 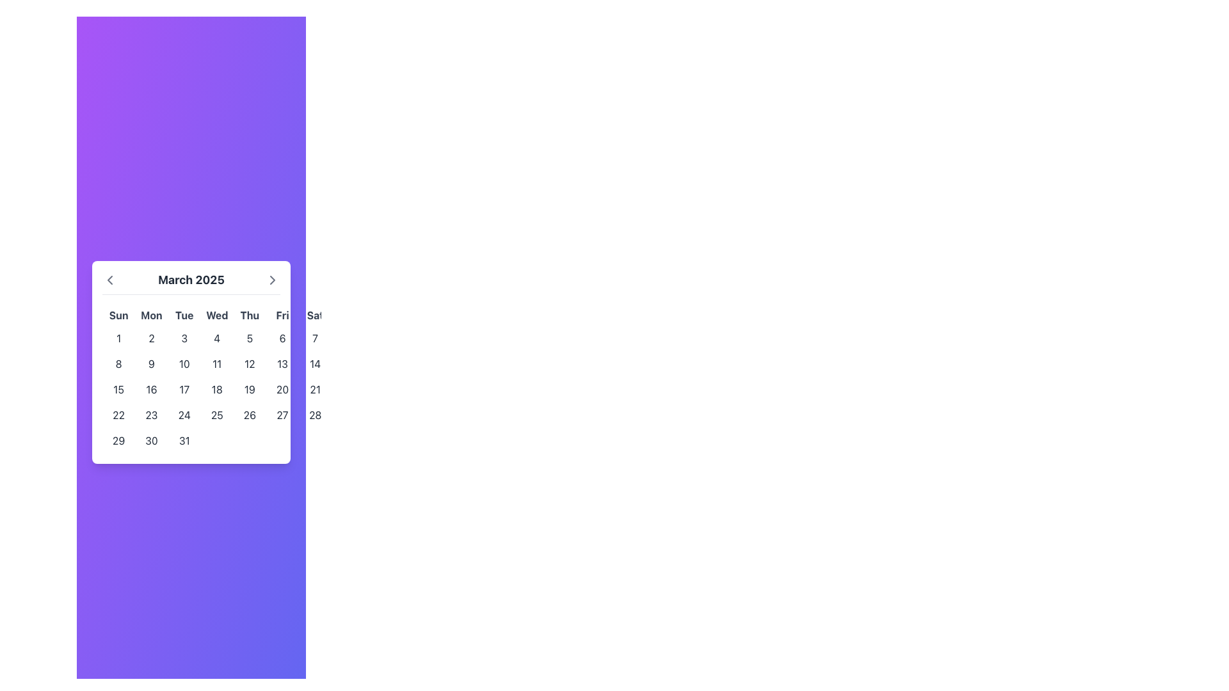 I want to click on the text label displaying 'Fri', which is the sixth label in the horizontal arrangement of weekday names in the calendar header, so click(x=282, y=315).